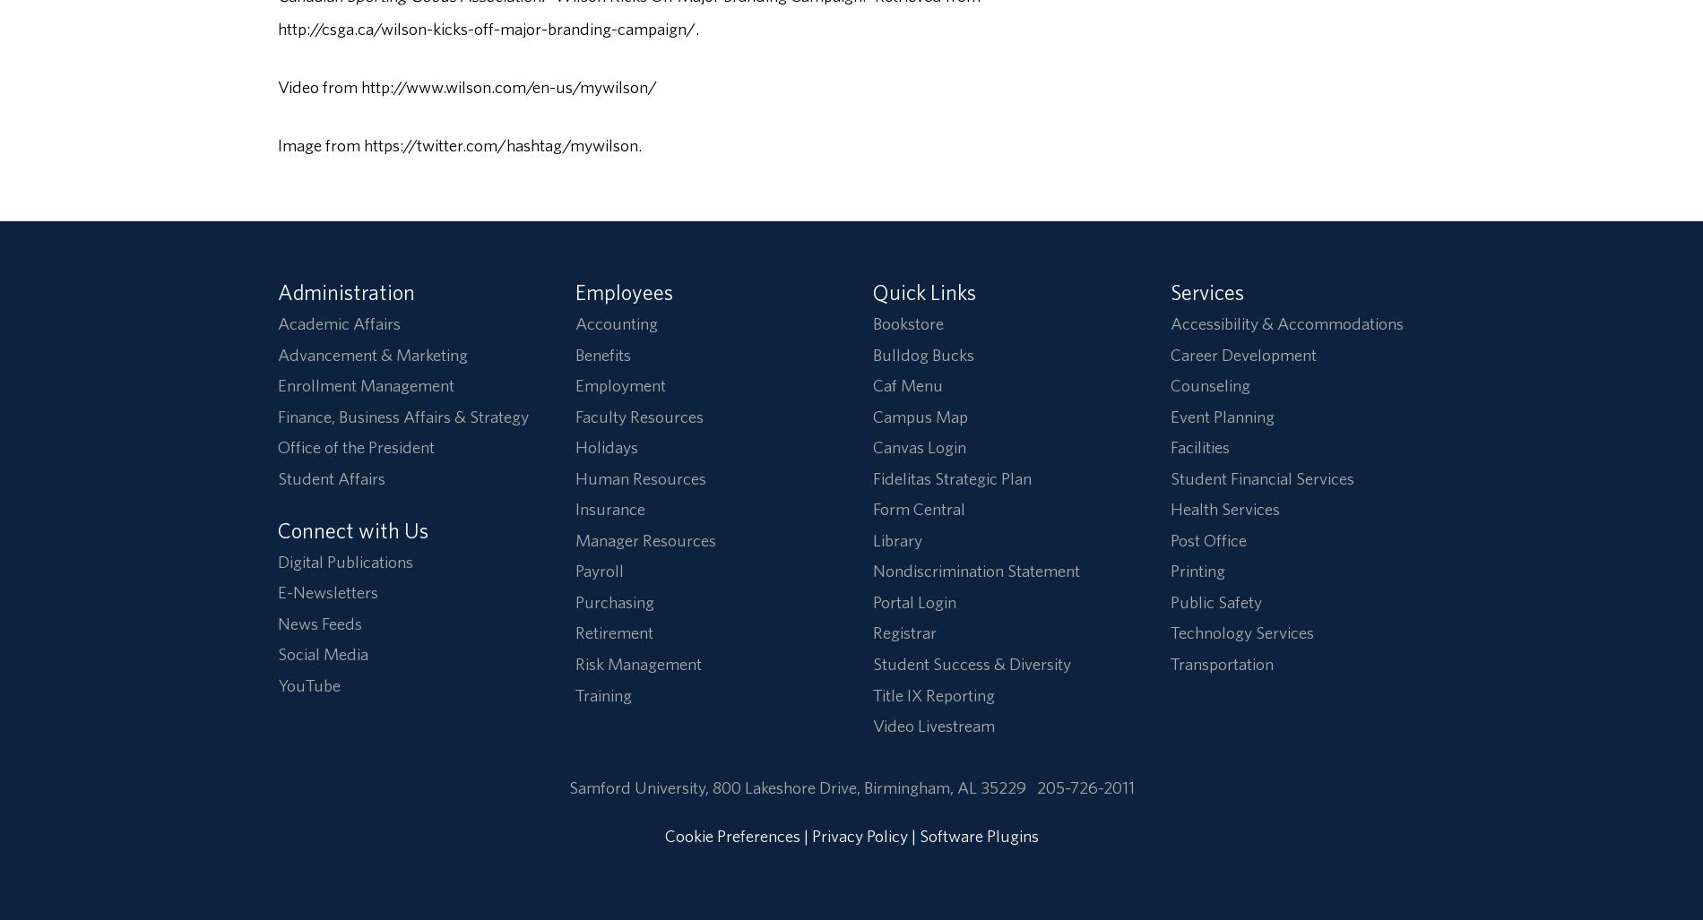 This screenshot has height=920, width=1703. Describe the element at coordinates (872, 539) in the screenshot. I see `'Library'` at that location.